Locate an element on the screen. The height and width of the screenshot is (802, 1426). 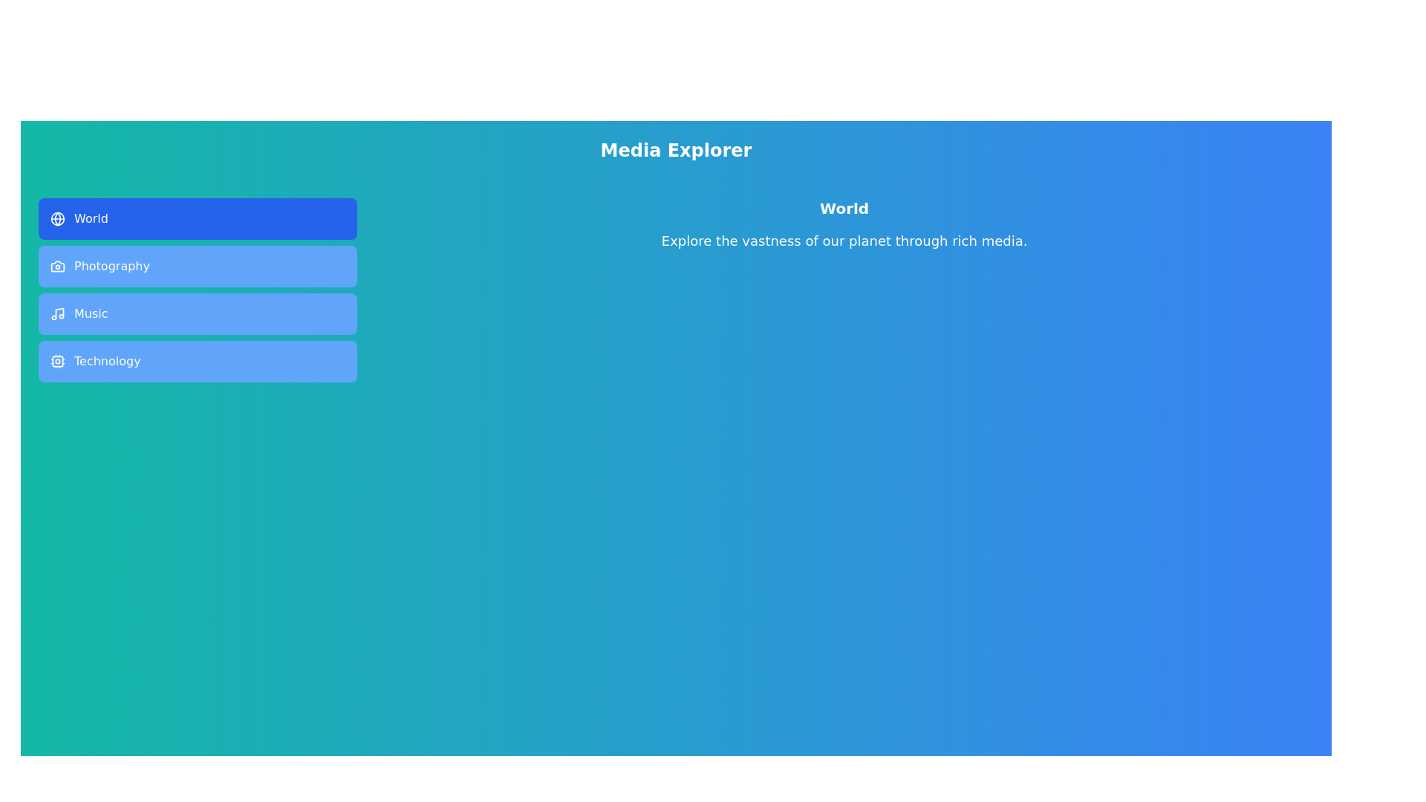
the icon of the Music tab to examine it is located at coordinates (57, 313).